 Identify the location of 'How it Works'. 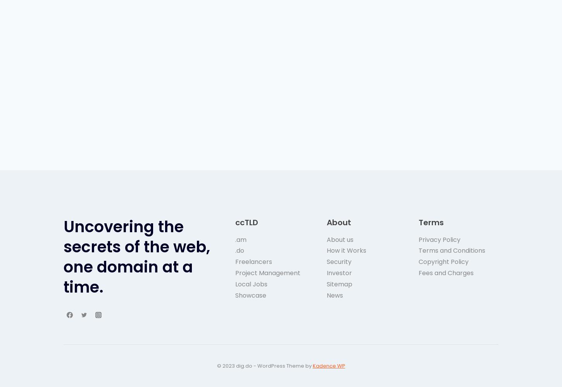
(327, 250).